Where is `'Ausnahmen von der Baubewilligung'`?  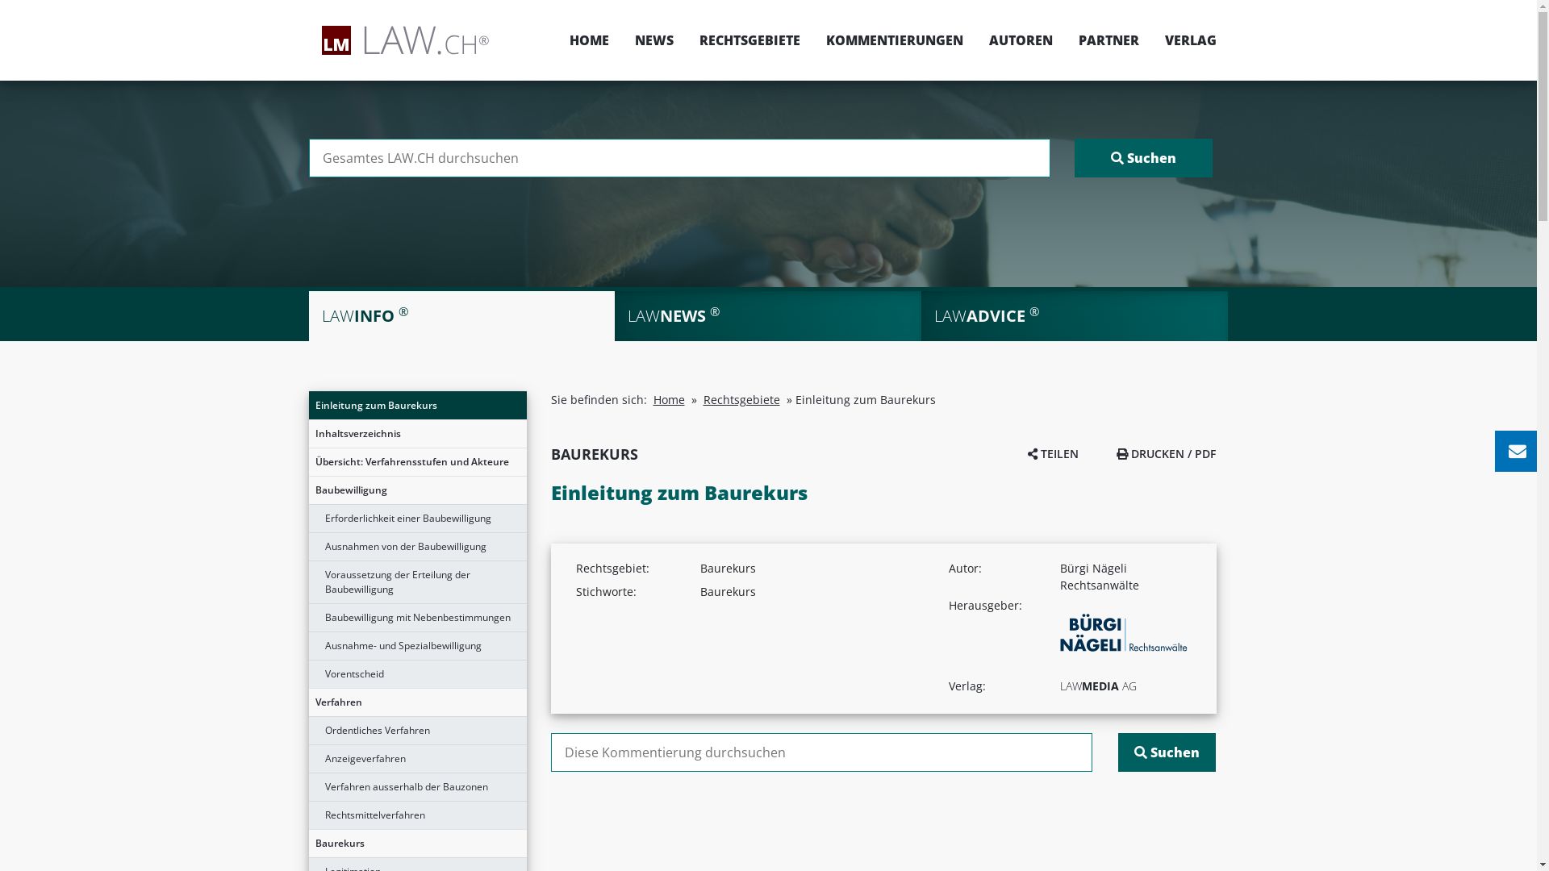 'Ausnahmen von der Baubewilligung' is located at coordinates (417, 546).